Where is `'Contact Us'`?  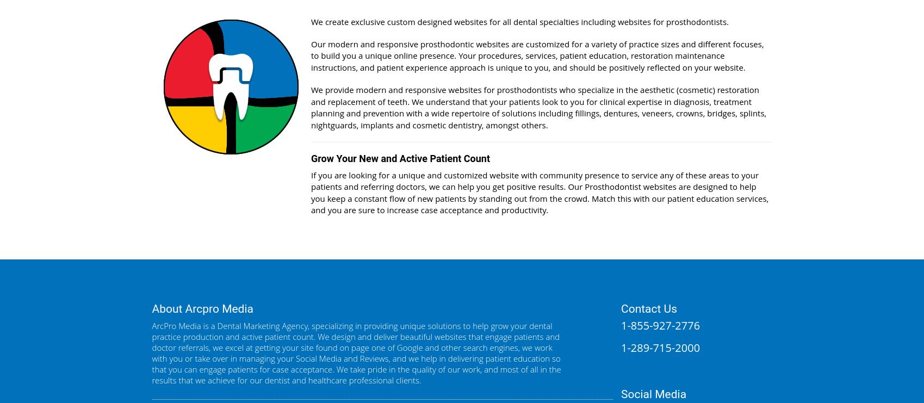
'Contact Us' is located at coordinates (649, 308).